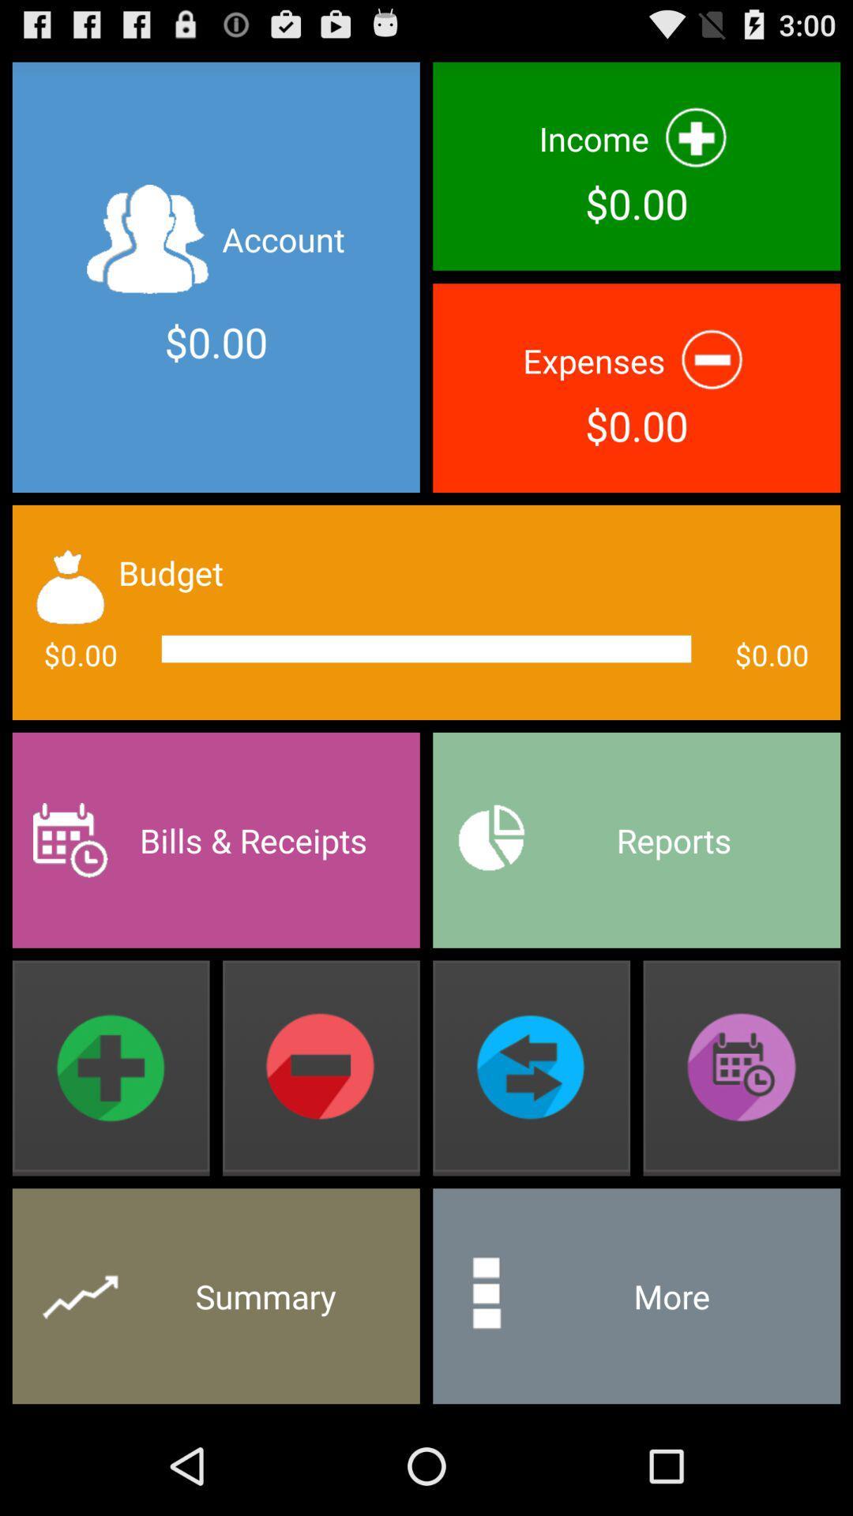 Image resolution: width=853 pixels, height=1516 pixels. I want to click on app below $0.00 item, so click(216, 839).